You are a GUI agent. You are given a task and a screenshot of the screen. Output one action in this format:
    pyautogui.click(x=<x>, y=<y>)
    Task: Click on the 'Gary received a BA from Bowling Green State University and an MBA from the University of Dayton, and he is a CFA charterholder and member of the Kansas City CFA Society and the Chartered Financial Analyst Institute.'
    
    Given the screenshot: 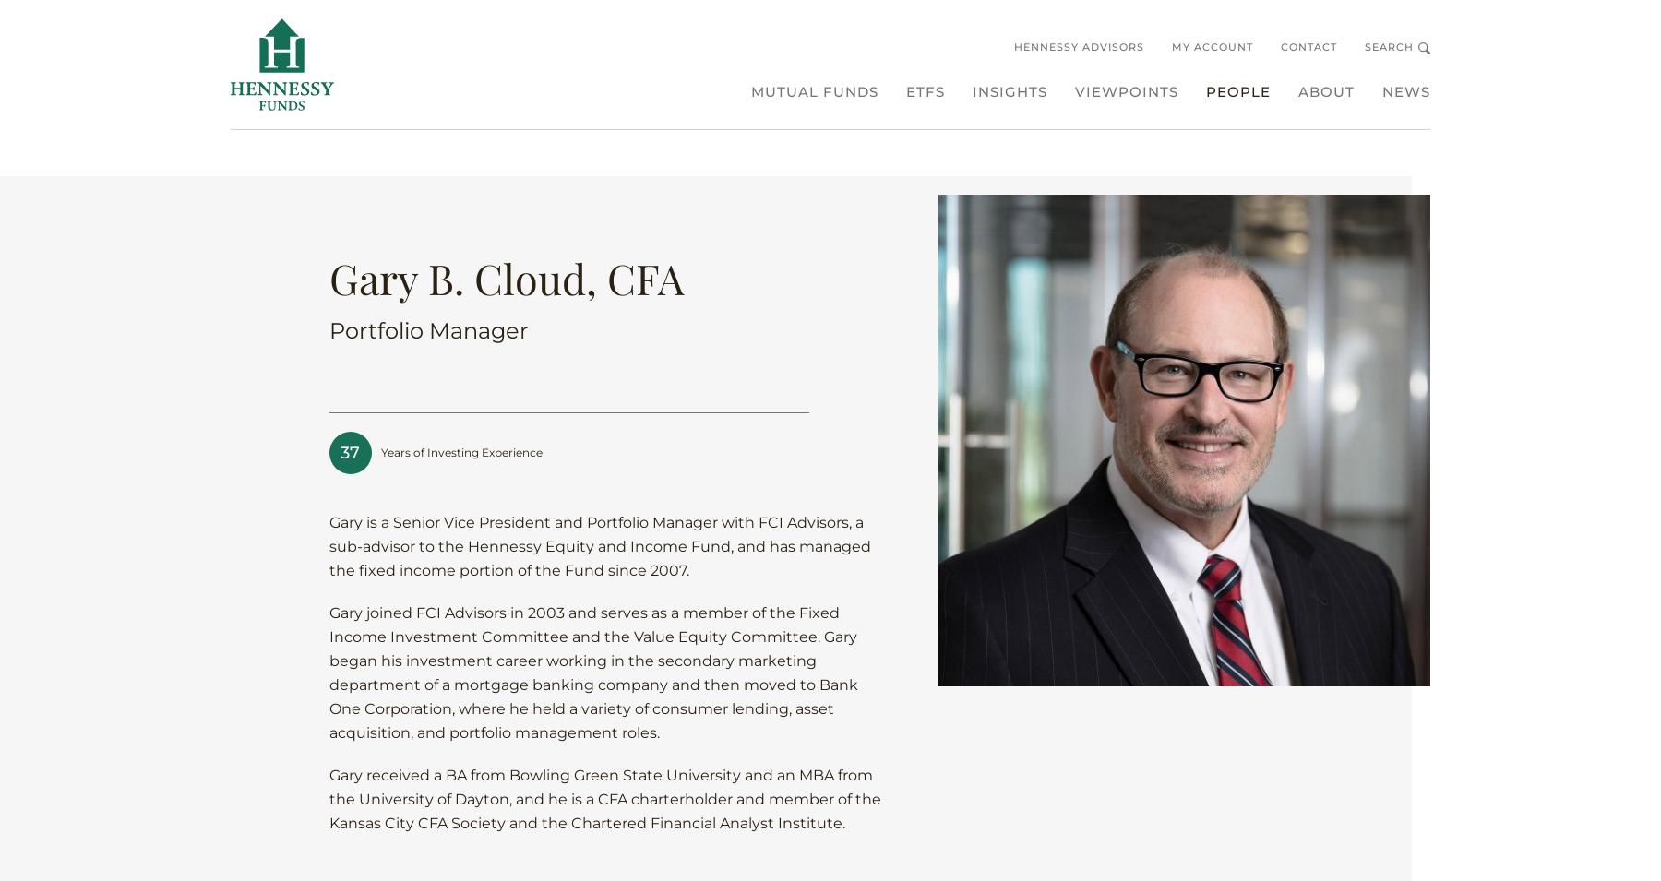 What is the action you would take?
    pyautogui.click(x=604, y=798)
    